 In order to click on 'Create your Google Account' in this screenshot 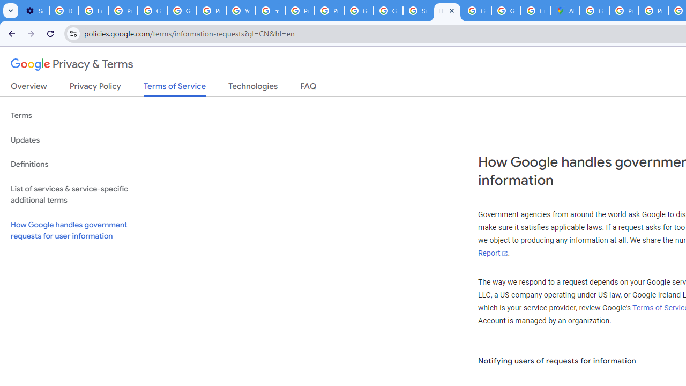, I will do `click(535, 11)`.